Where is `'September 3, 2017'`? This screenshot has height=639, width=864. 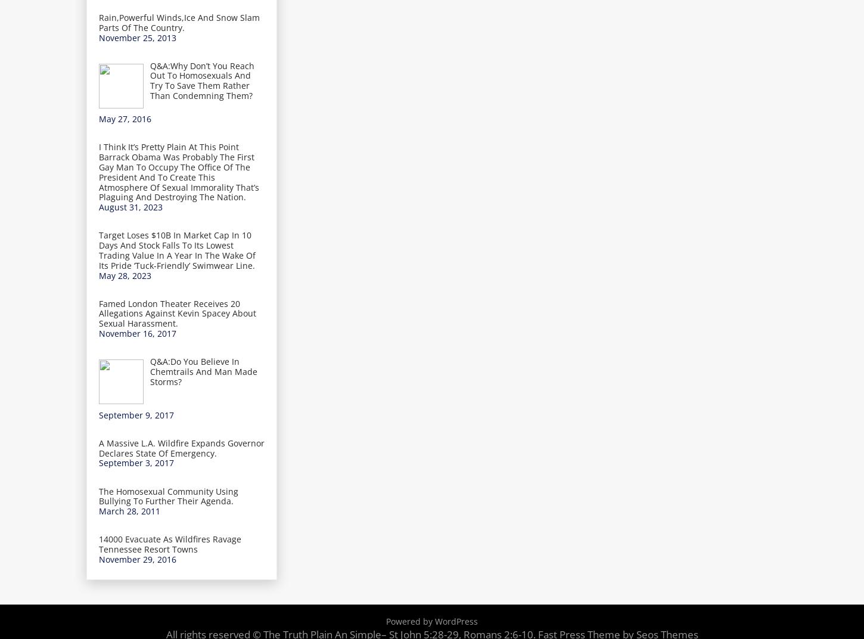
'September 3, 2017' is located at coordinates (135, 463).